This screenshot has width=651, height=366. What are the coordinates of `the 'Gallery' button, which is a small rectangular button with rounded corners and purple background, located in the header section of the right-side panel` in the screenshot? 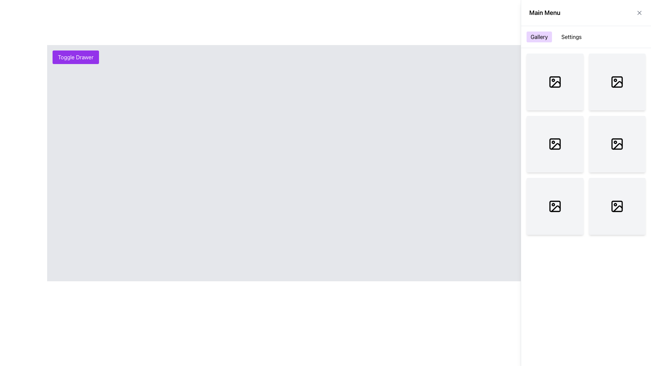 It's located at (539, 37).